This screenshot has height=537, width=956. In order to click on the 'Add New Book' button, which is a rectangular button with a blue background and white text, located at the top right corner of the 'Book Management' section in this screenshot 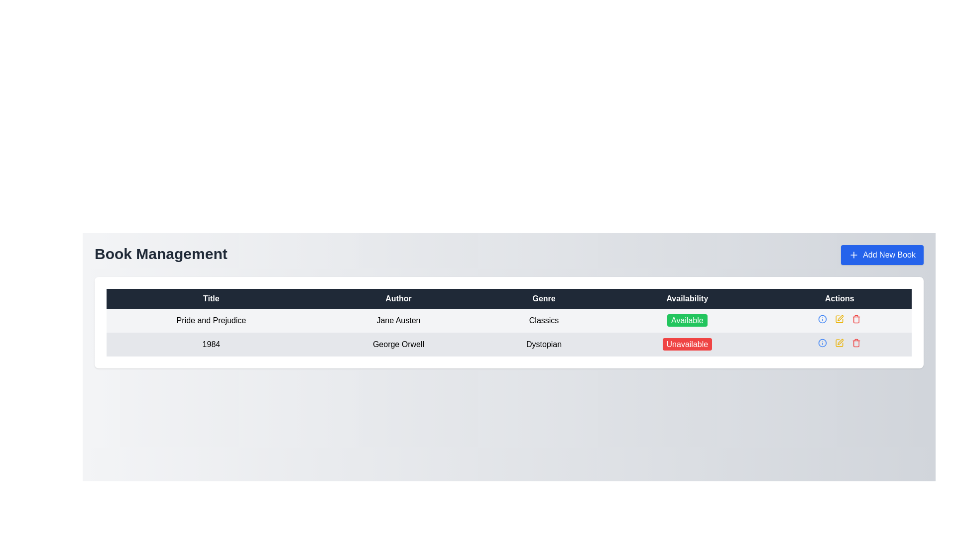, I will do `click(882, 255)`.